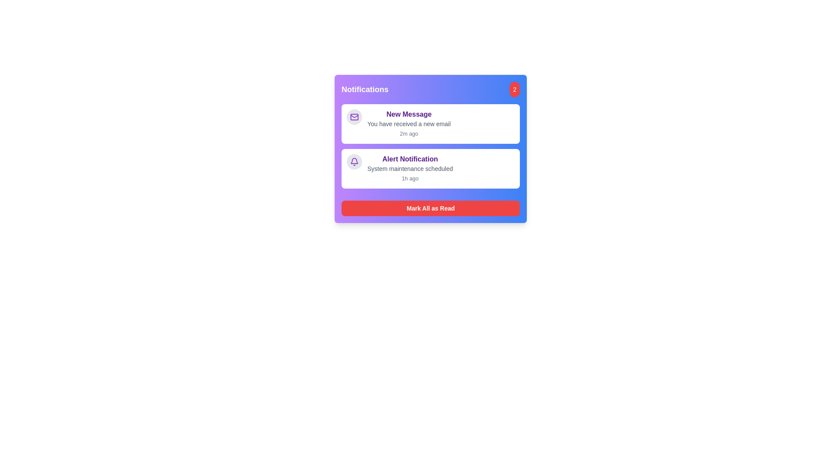 The image size is (827, 465). Describe the element at coordinates (354, 117) in the screenshot. I see `the rectangular component of the envelope icon located within the first notification card in the notification panel` at that location.